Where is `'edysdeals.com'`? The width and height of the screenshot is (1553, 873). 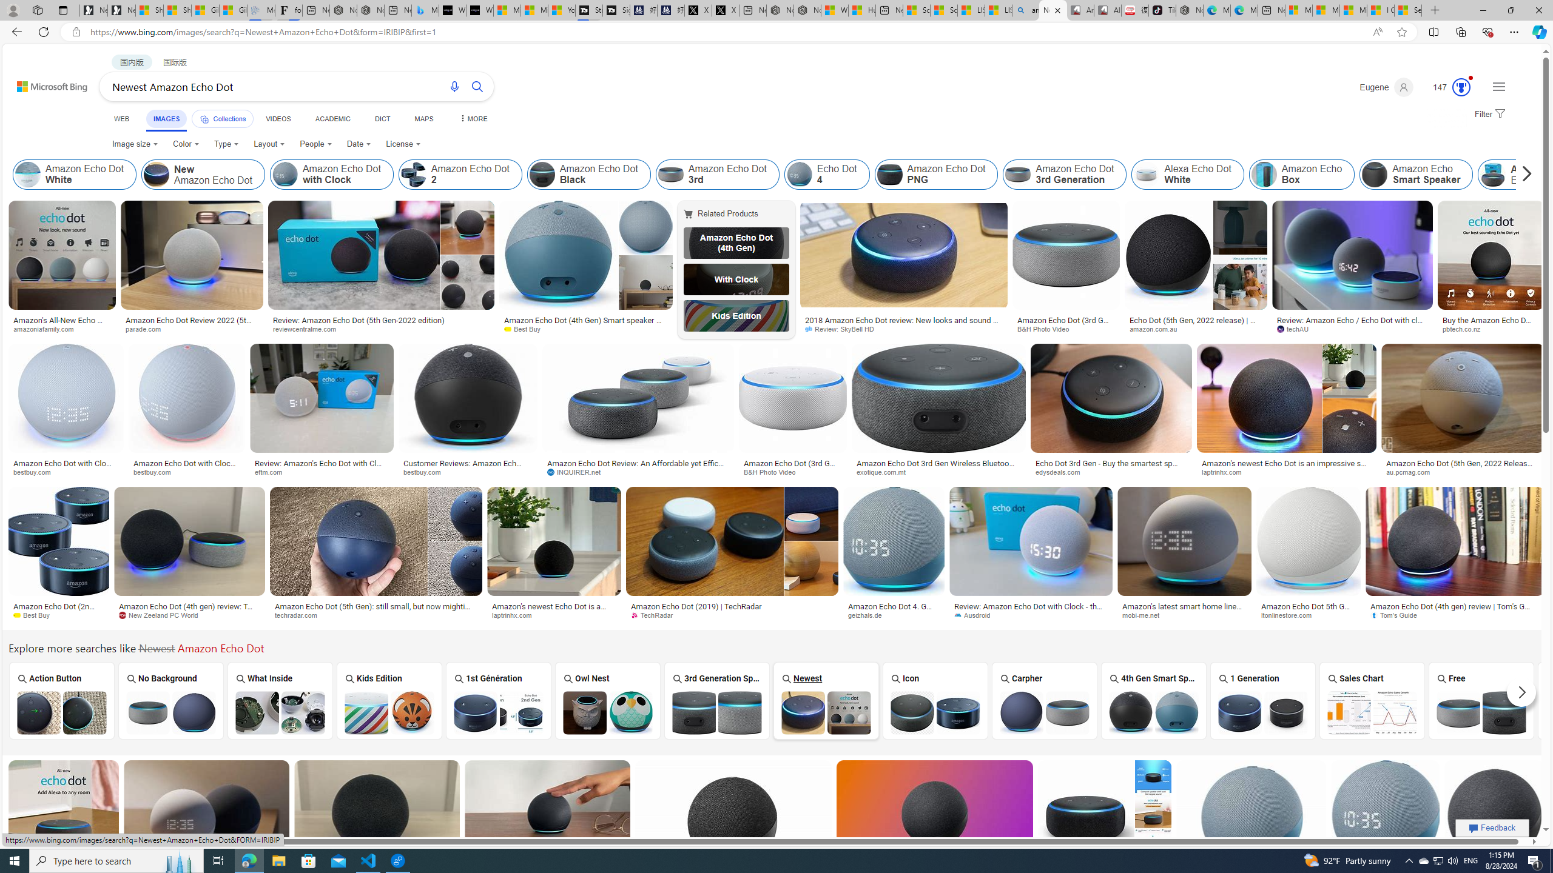
'edysdeals.com' is located at coordinates (1110, 472).